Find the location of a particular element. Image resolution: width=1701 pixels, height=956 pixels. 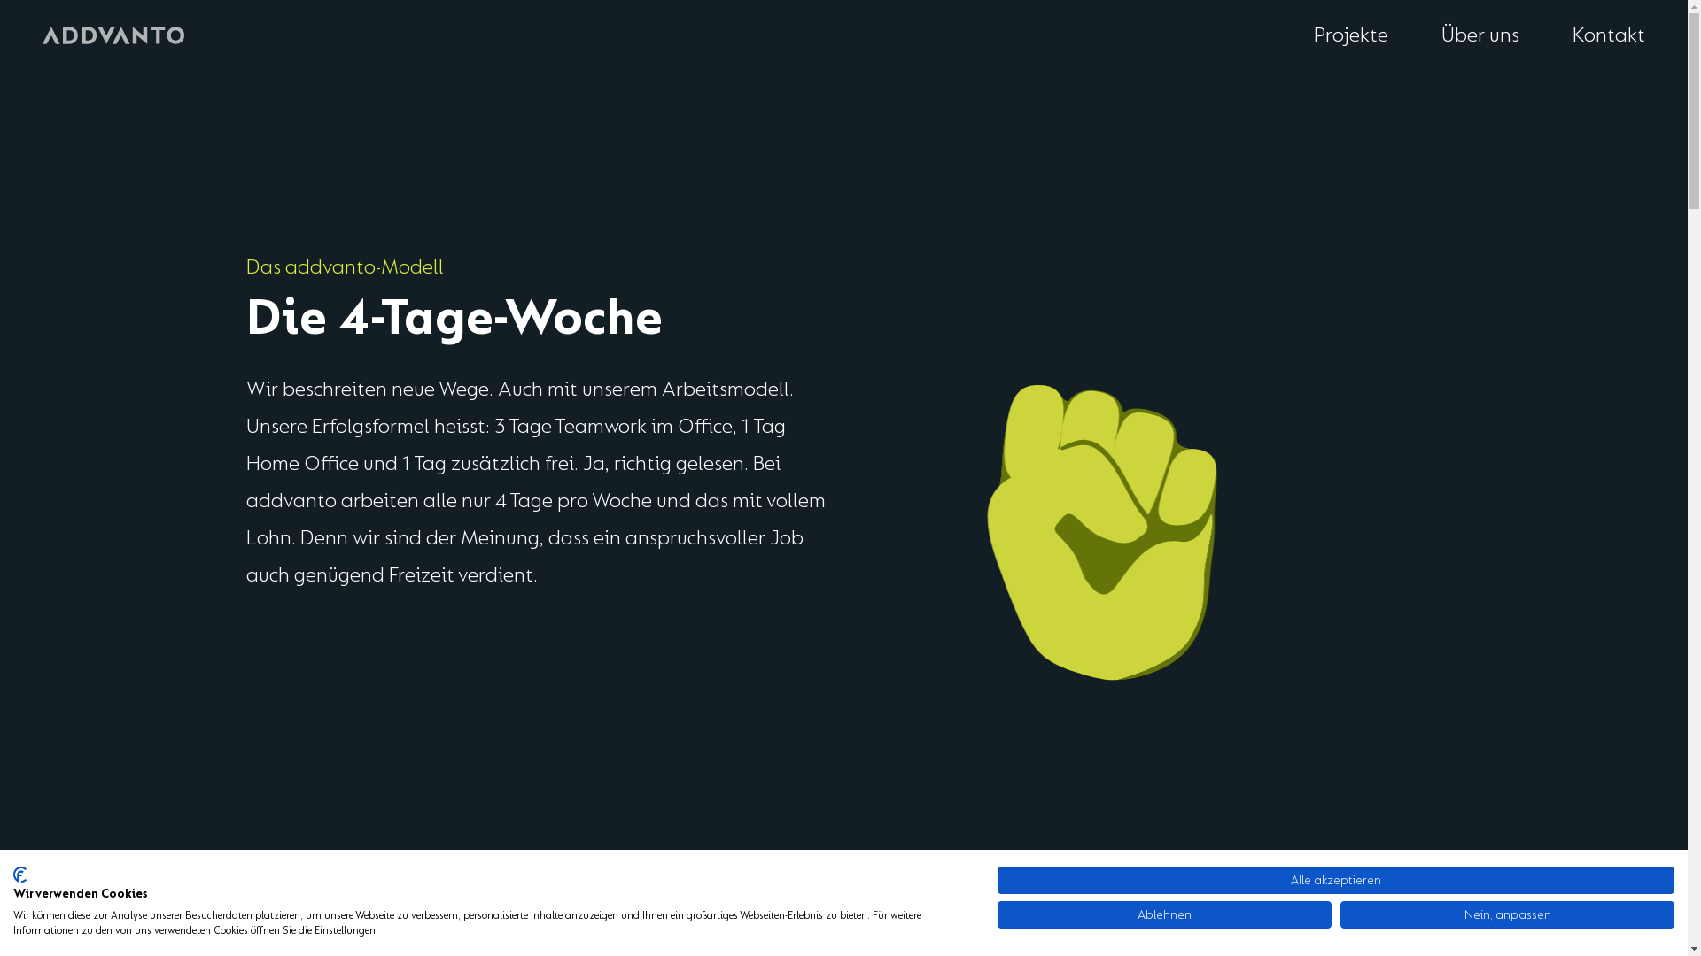

'Kontakt' is located at coordinates (1608, 35).